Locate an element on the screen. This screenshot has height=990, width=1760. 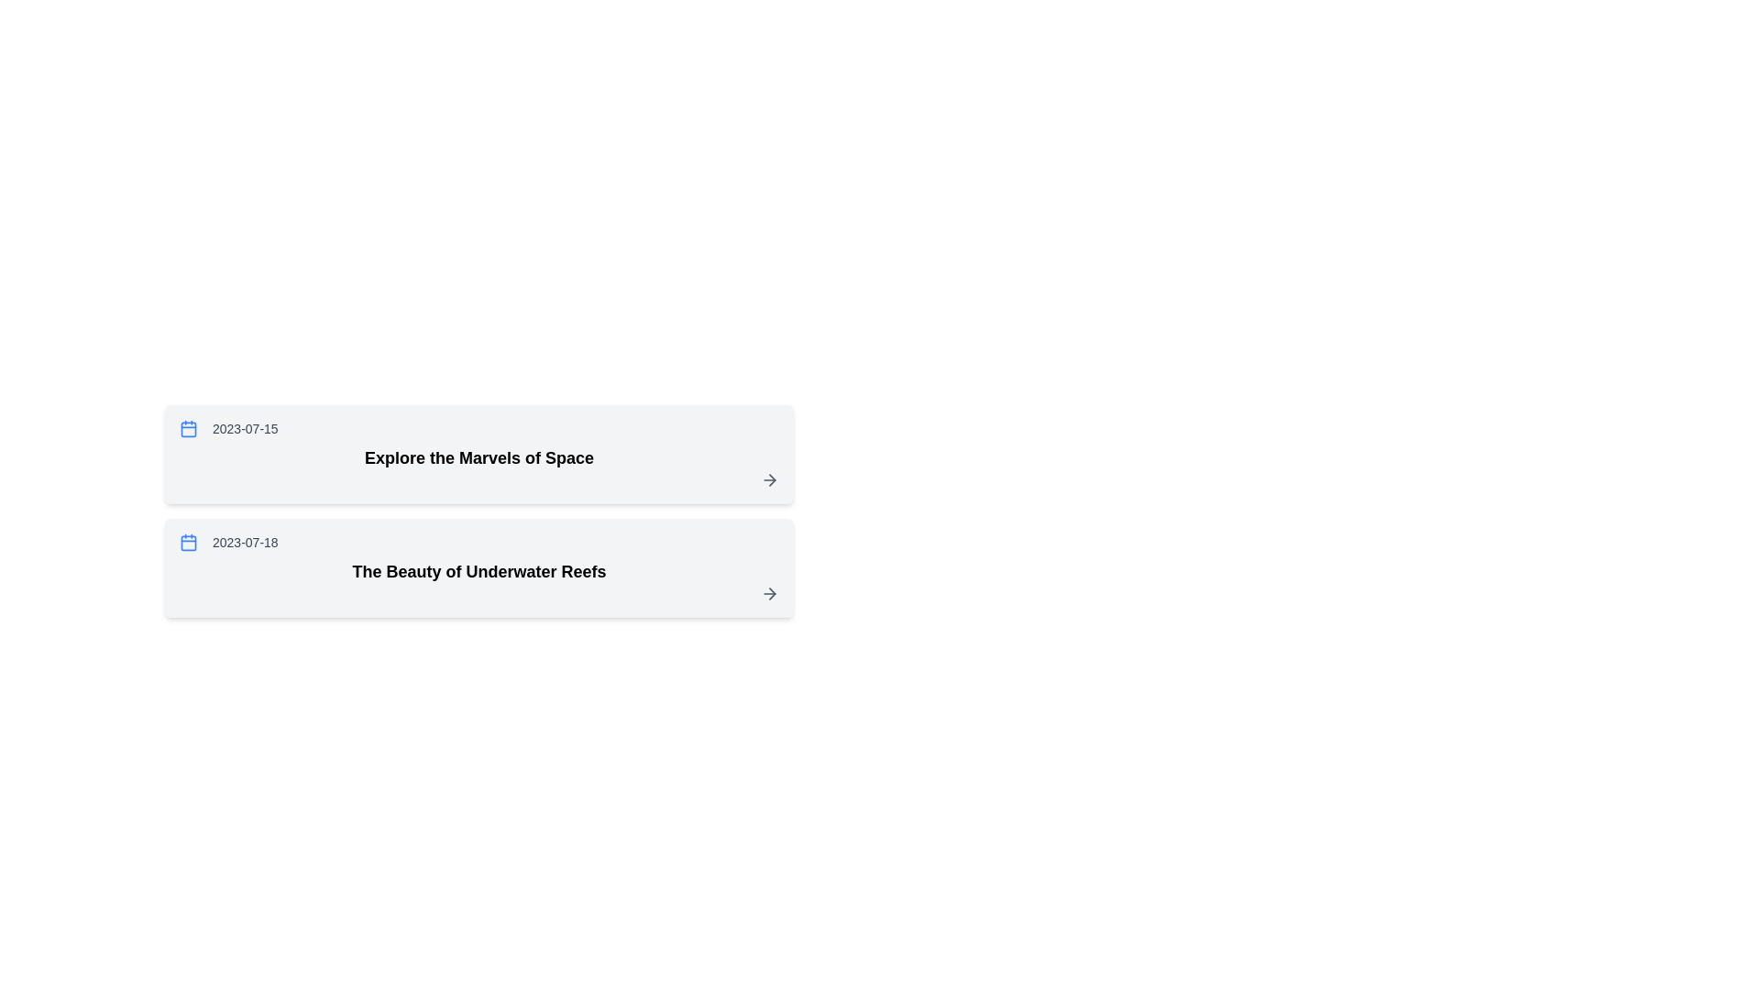
the small rightward-pointing arrow icon located in the second card, to the right of the title 'The Beauty of Underwater Reefs' is located at coordinates (772, 594).